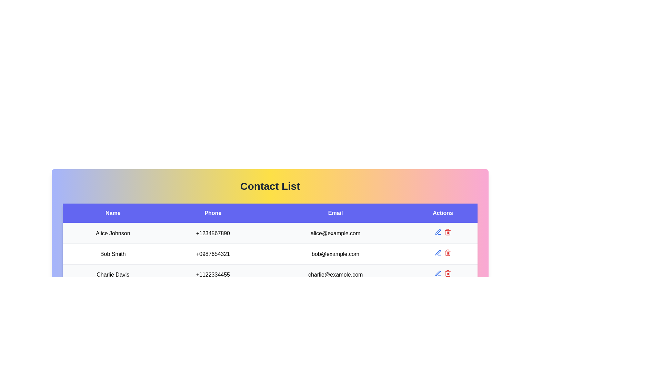 The image size is (662, 372). I want to click on contact information displayed in the second row of the contact list for 'Bob Smith', so click(270, 254).